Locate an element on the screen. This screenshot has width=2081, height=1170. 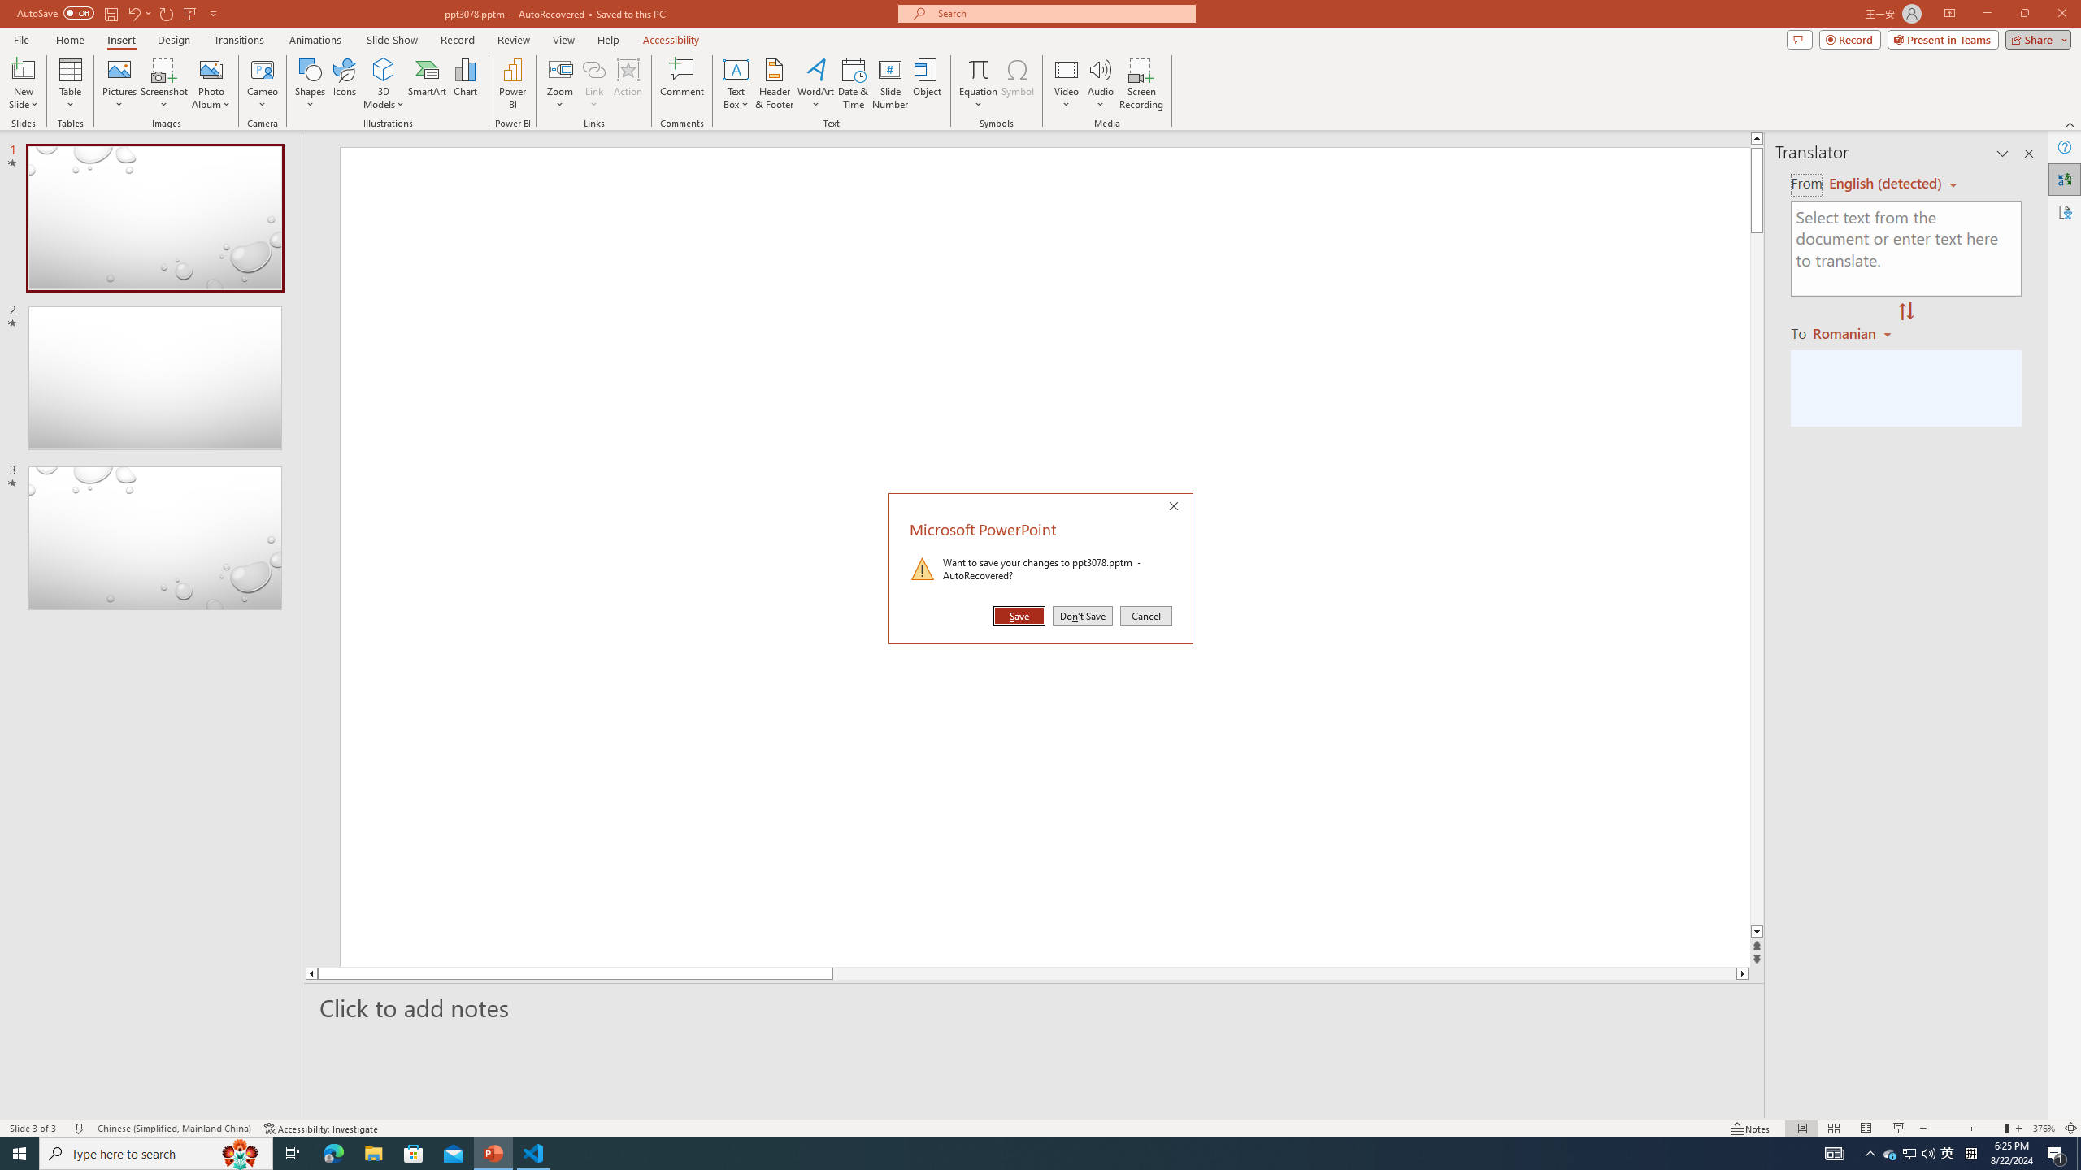
'Video' is located at coordinates (1067, 84).